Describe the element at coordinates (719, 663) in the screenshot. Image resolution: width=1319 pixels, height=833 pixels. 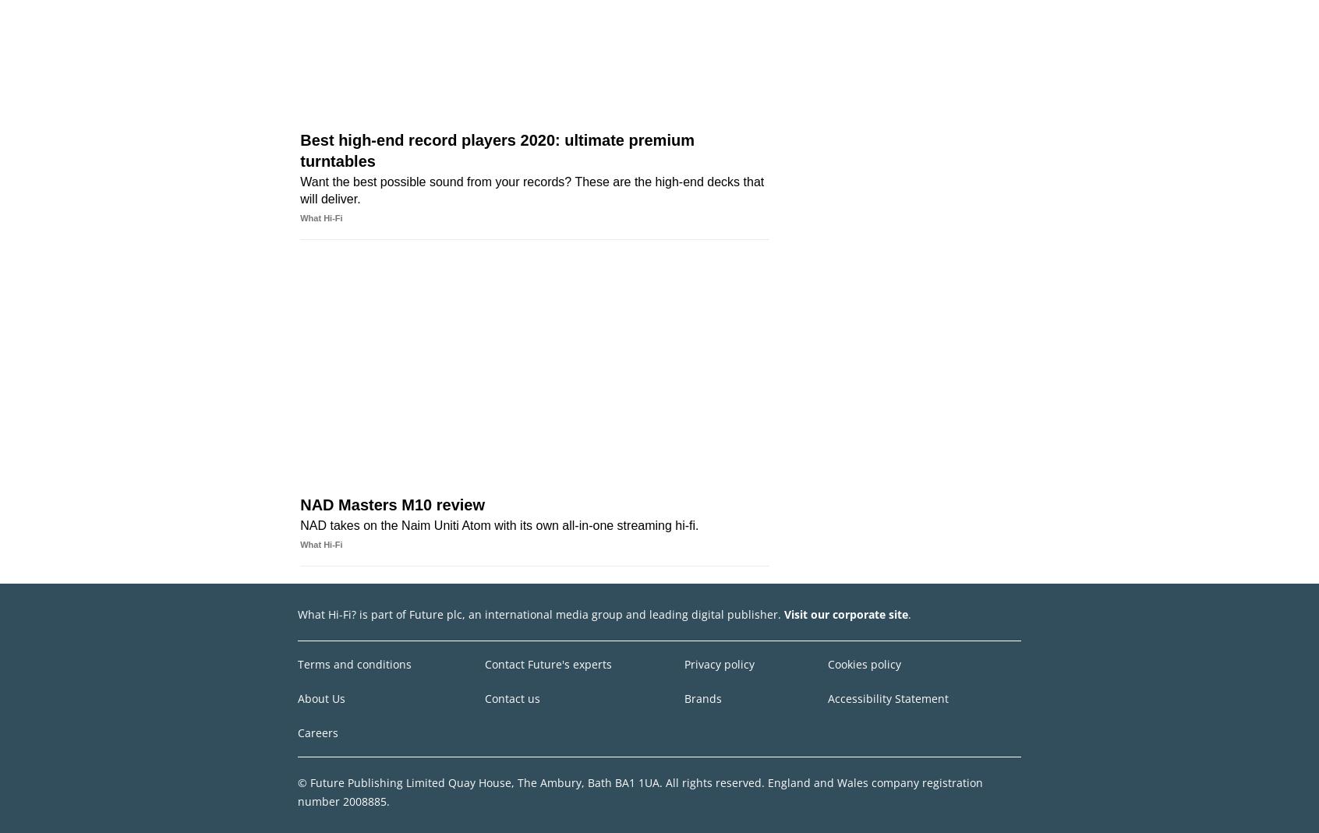
I see `'Privacy policy'` at that location.